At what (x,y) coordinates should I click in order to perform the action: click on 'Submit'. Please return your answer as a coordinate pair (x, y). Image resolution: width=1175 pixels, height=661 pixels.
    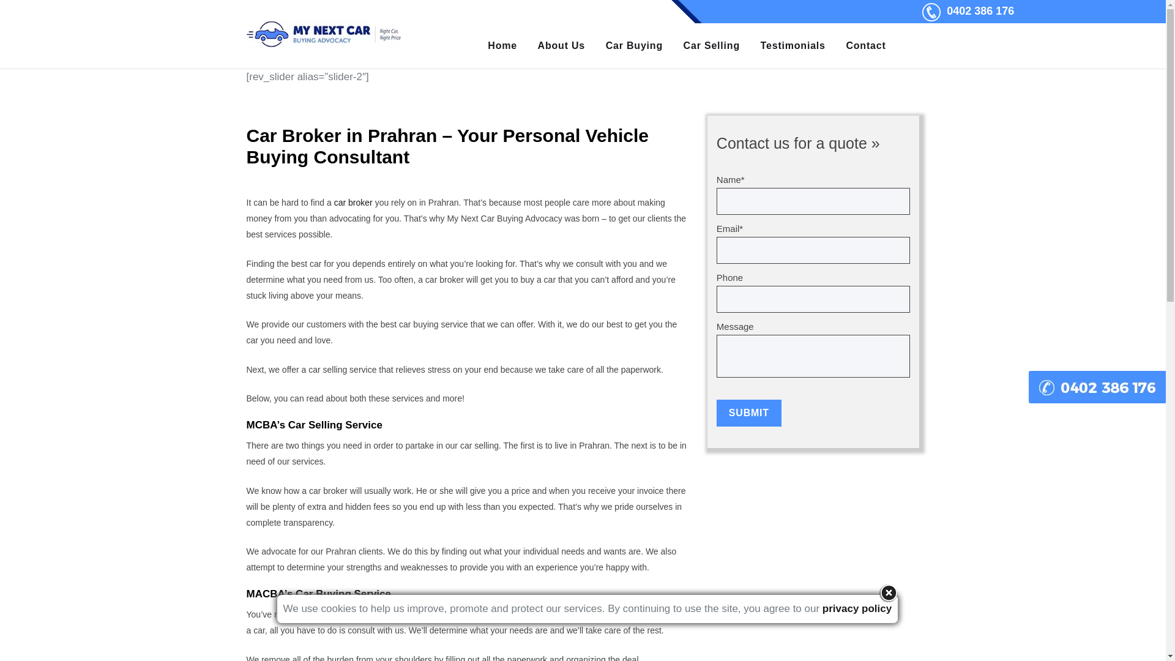
    Looking at the image, I should click on (748, 413).